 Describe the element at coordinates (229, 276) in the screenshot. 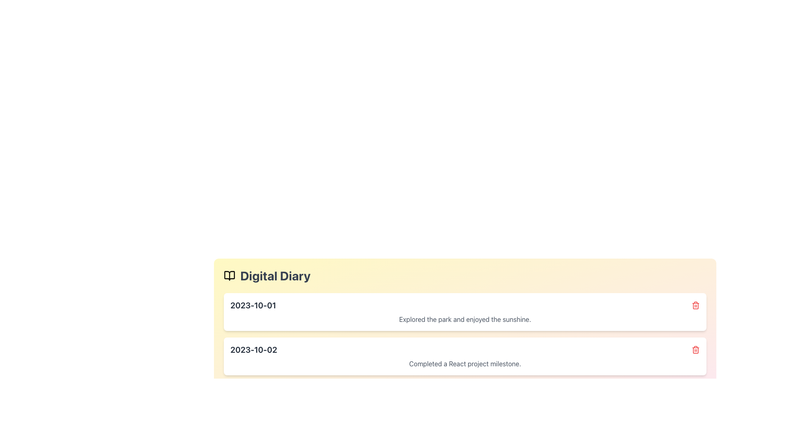

I see `the open book icon with a thin black outline located to the left of the 'Digital Diary' text` at that location.